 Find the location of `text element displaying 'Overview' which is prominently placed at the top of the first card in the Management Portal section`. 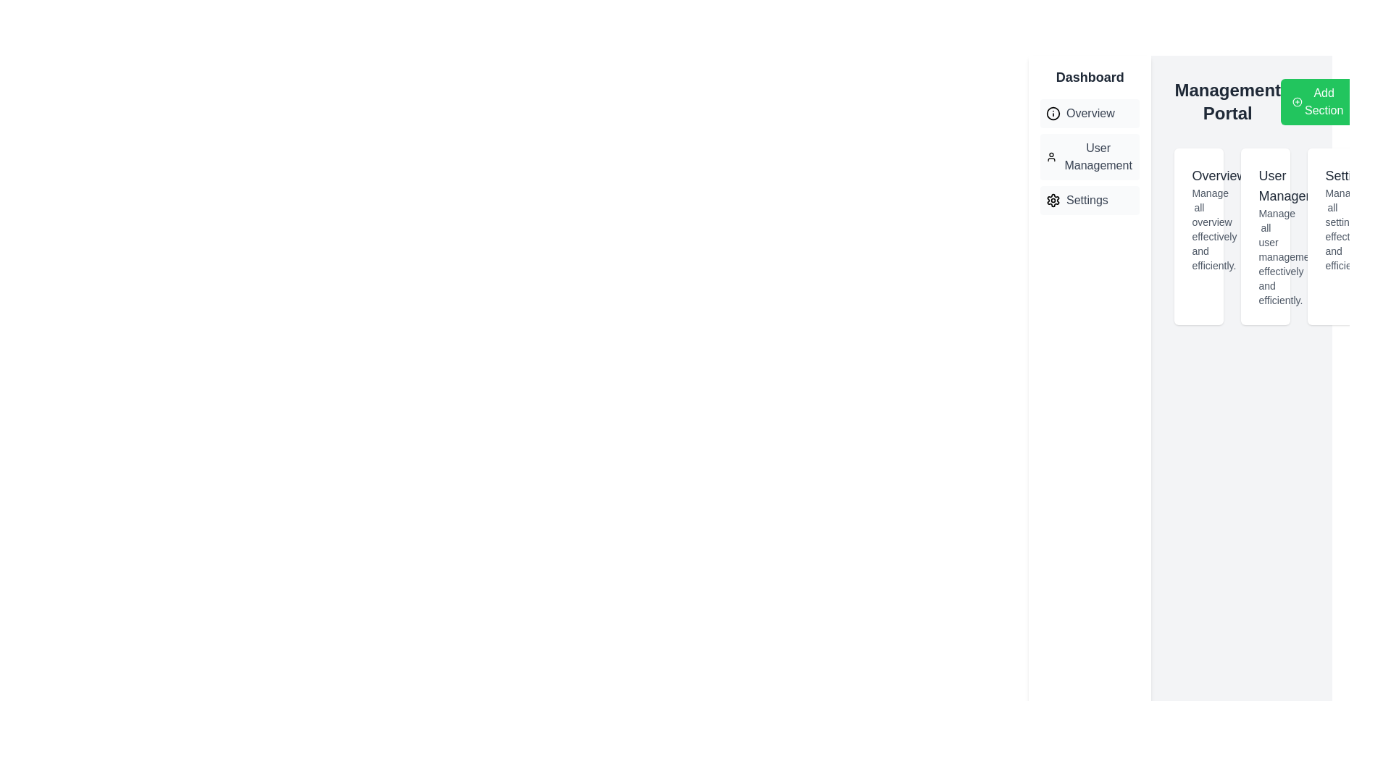

text element displaying 'Overview' which is prominently placed at the top of the first card in the Management Portal section is located at coordinates (1199, 175).